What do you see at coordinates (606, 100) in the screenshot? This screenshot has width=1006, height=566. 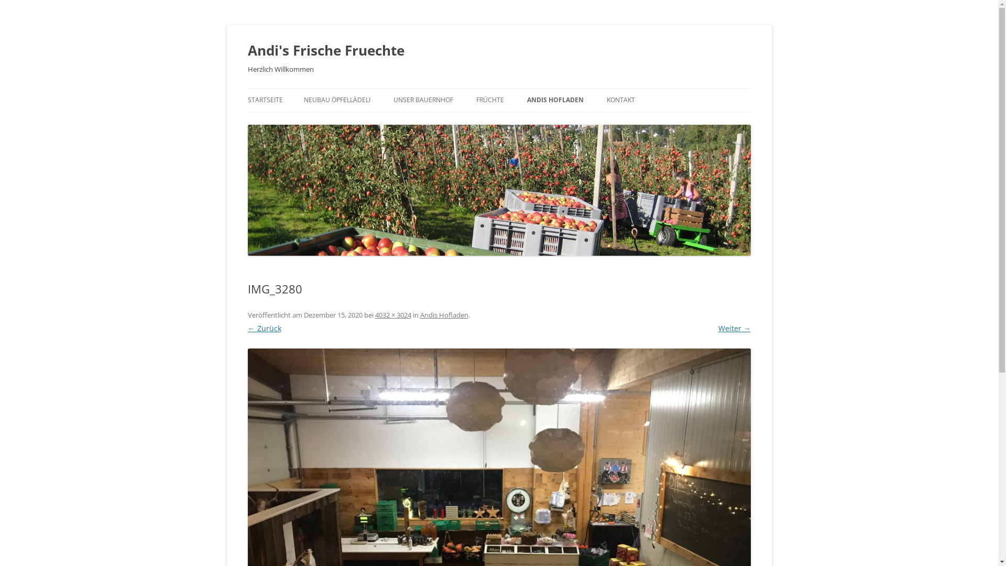 I see `'KONTAKT'` at bounding box center [606, 100].